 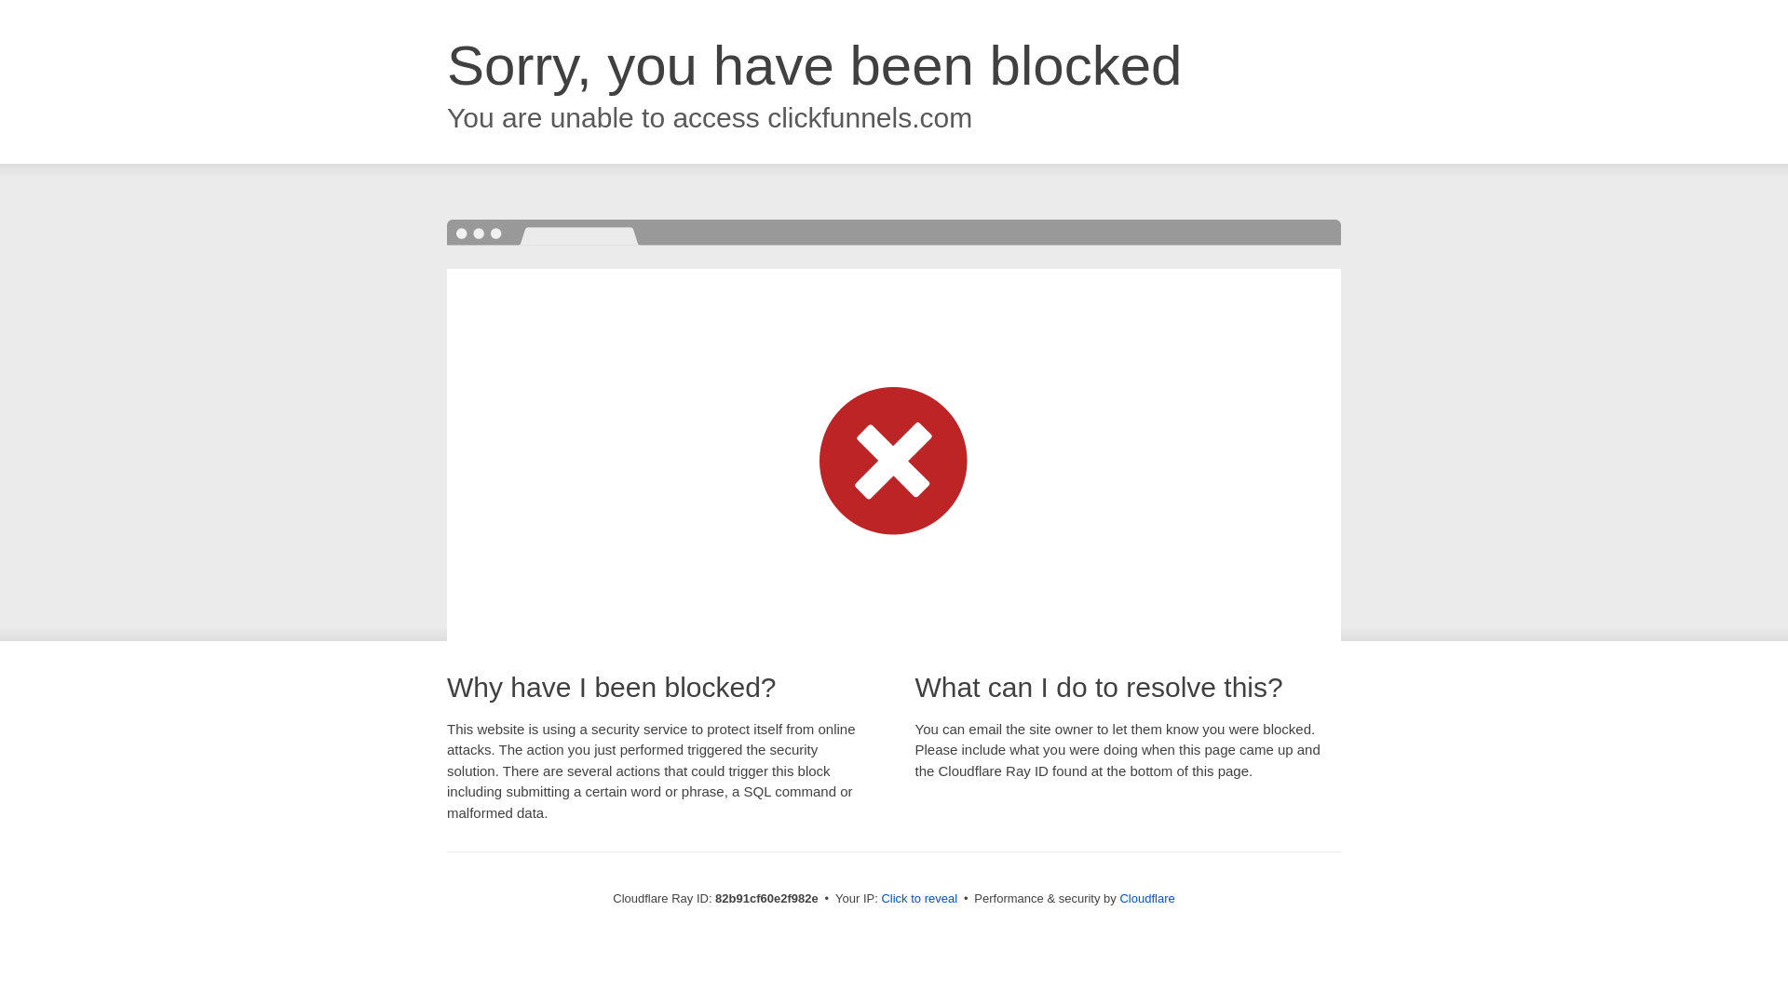 What do you see at coordinates (919, 897) in the screenshot?
I see `'Click to reveal'` at bounding box center [919, 897].